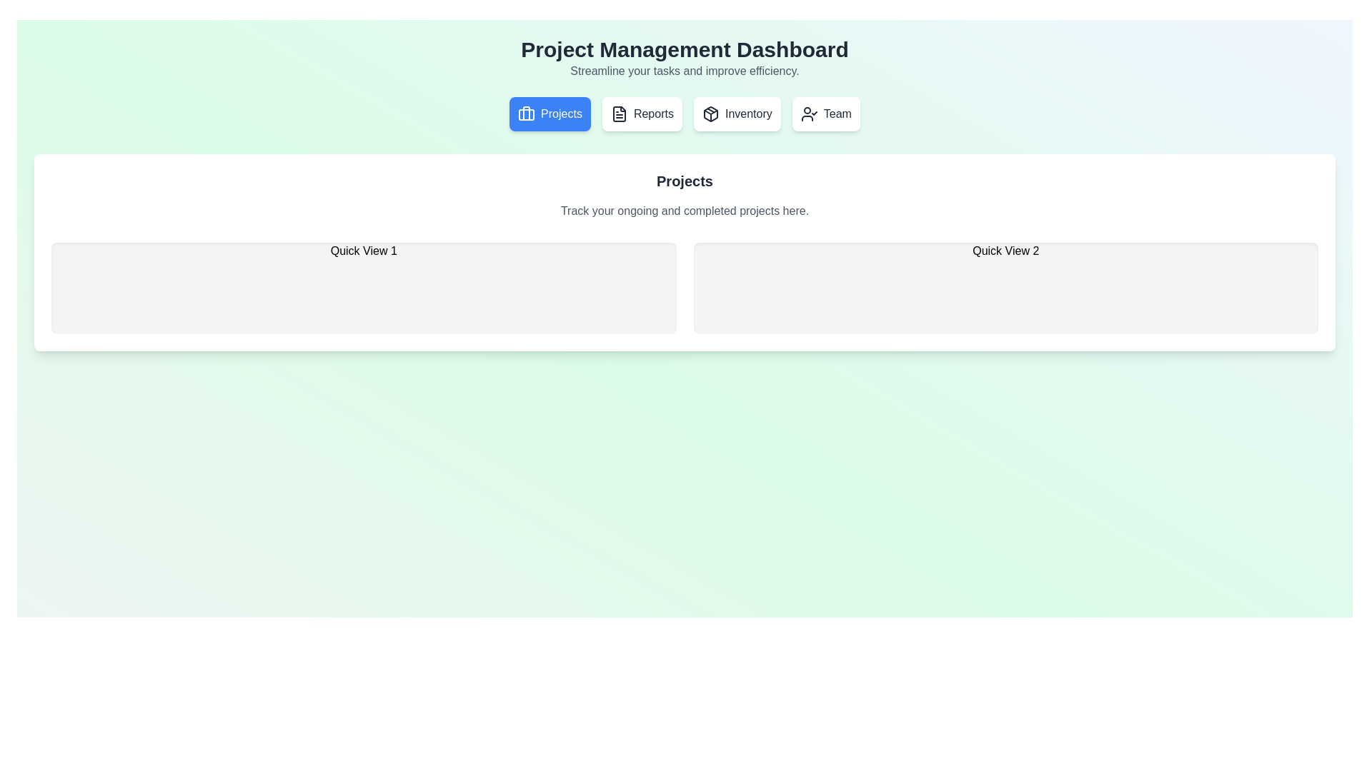 Image resolution: width=1372 pixels, height=771 pixels. I want to click on the 'Projects' button, which is a blue rectangular button with white text and a briefcase icon, located at the top row of interactive items, so click(549, 113).